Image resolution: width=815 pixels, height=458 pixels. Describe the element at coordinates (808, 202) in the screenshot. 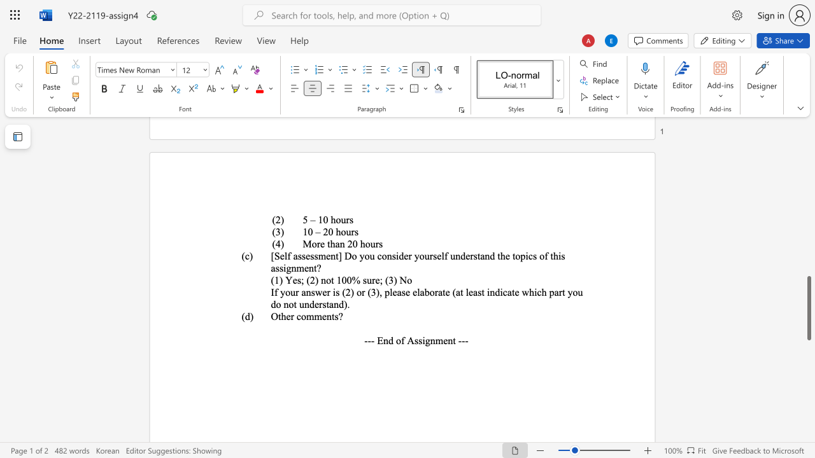

I see `the scrollbar to move the content higher` at that location.